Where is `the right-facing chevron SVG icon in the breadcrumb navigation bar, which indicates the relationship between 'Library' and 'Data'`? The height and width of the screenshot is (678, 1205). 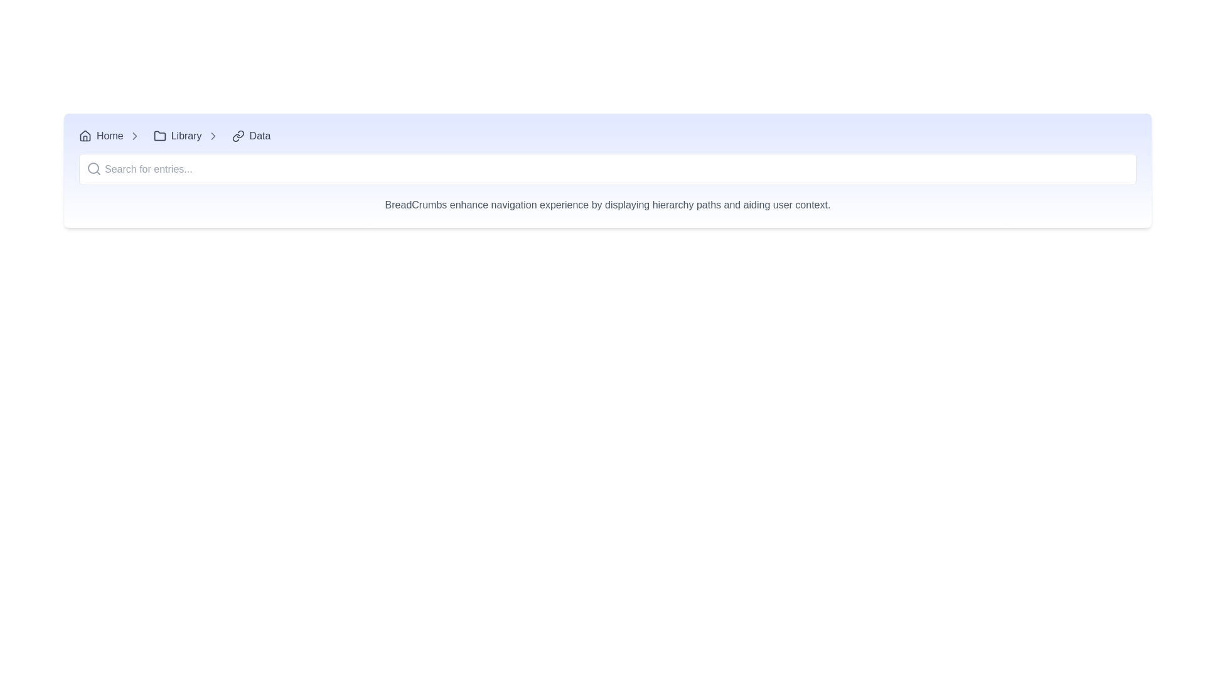 the right-facing chevron SVG icon in the breadcrumb navigation bar, which indicates the relationship between 'Library' and 'Data' is located at coordinates (213, 136).